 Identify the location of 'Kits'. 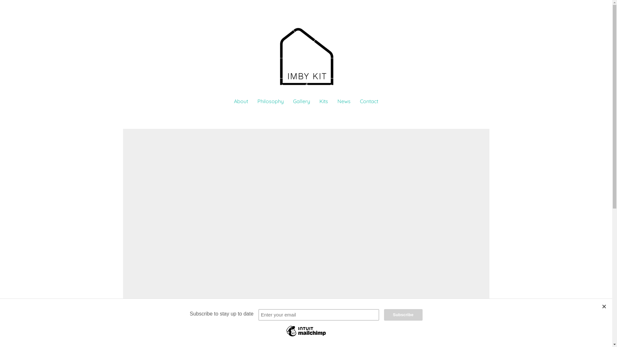
(324, 101).